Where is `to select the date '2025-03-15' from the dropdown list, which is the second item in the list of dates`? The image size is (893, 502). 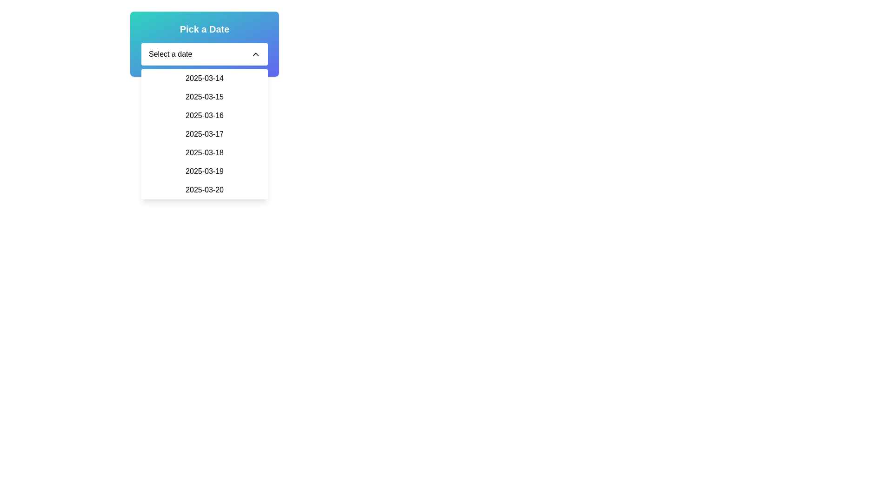
to select the date '2025-03-15' from the dropdown list, which is the second item in the list of dates is located at coordinates (204, 97).